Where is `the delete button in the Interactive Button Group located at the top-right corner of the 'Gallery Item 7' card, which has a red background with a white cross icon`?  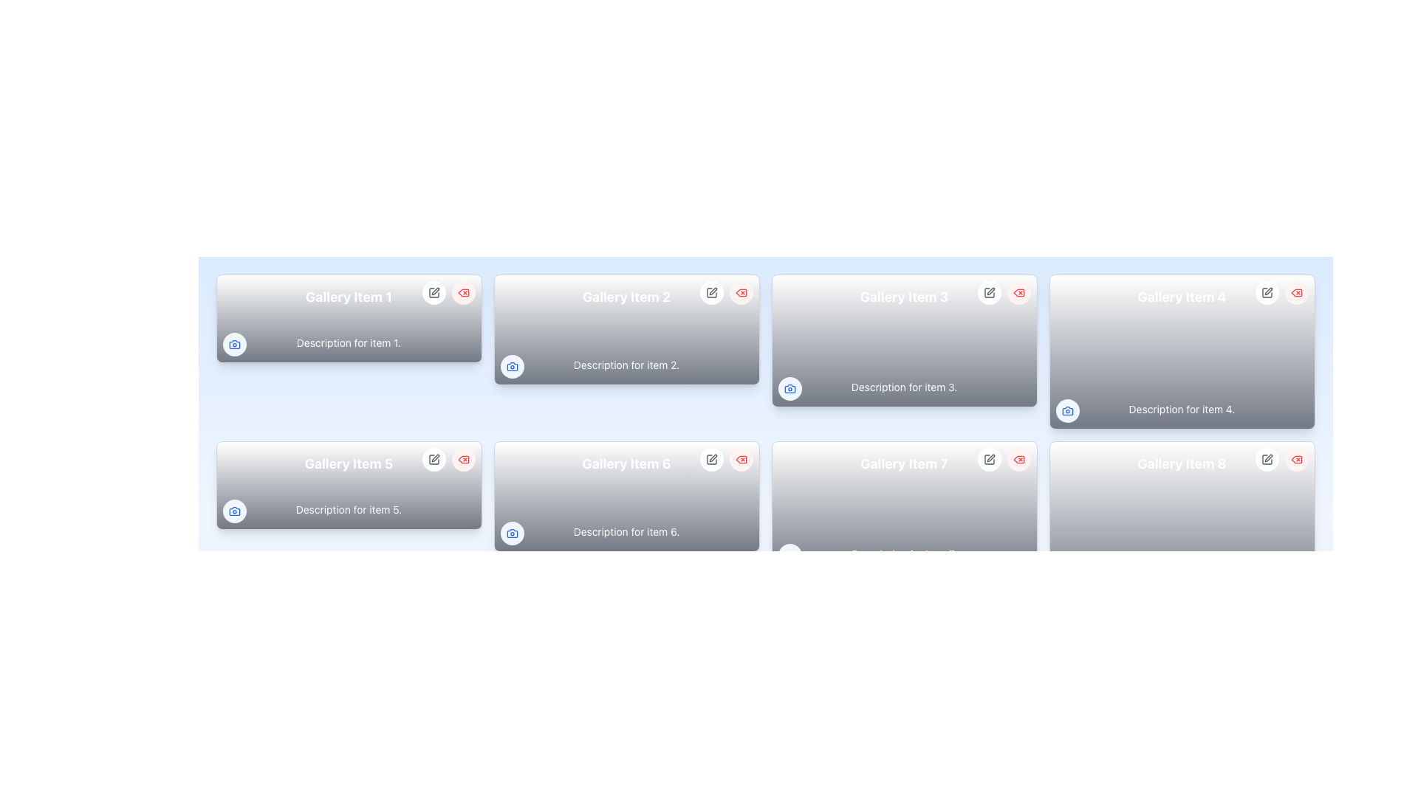 the delete button in the Interactive Button Group located at the top-right corner of the 'Gallery Item 7' card, which has a red background with a white cross icon is located at coordinates (1004, 459).